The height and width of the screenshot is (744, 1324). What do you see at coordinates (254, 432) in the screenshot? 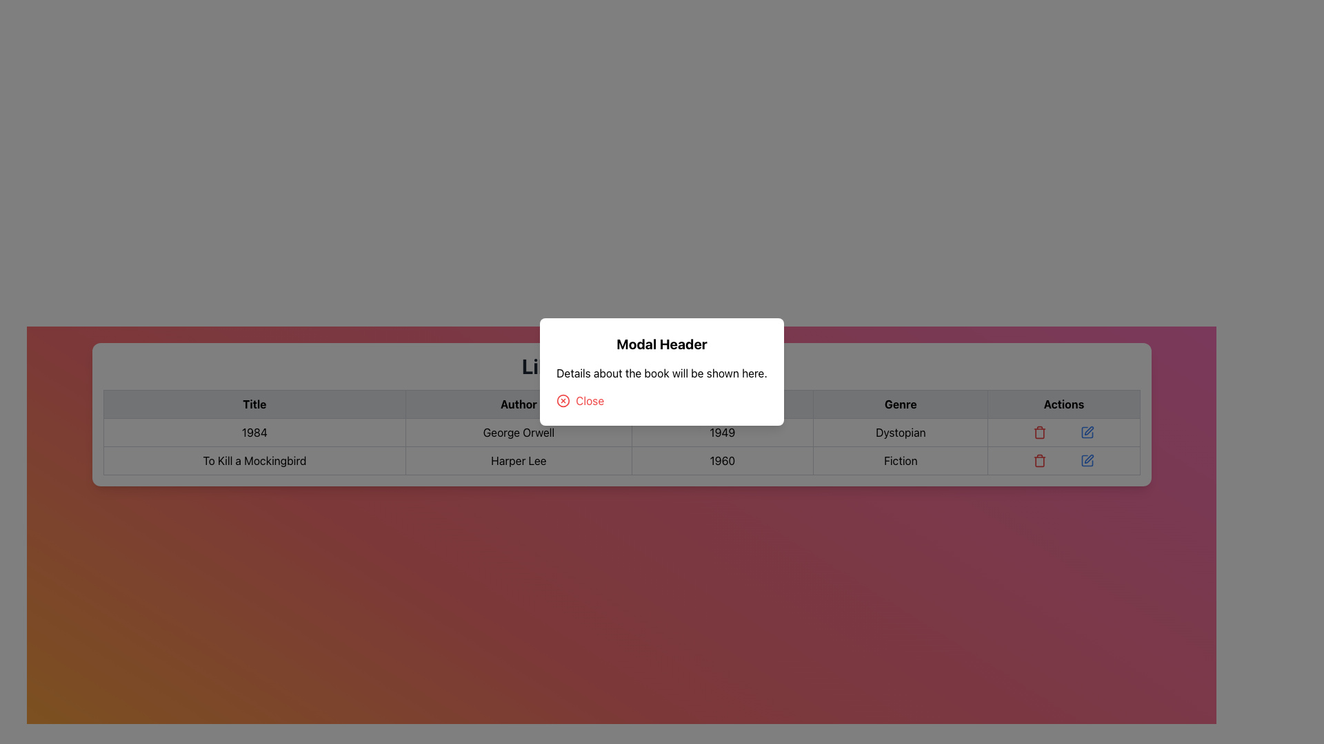
I see `the Static Text Cell displaying the book title '1984' by George Orwell in the first column of the table under the 'Title' header` at bounding box center [254, 432].